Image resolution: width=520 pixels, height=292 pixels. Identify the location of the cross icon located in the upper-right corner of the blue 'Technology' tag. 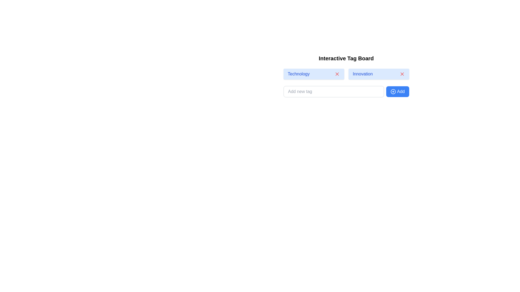
(337, 74).